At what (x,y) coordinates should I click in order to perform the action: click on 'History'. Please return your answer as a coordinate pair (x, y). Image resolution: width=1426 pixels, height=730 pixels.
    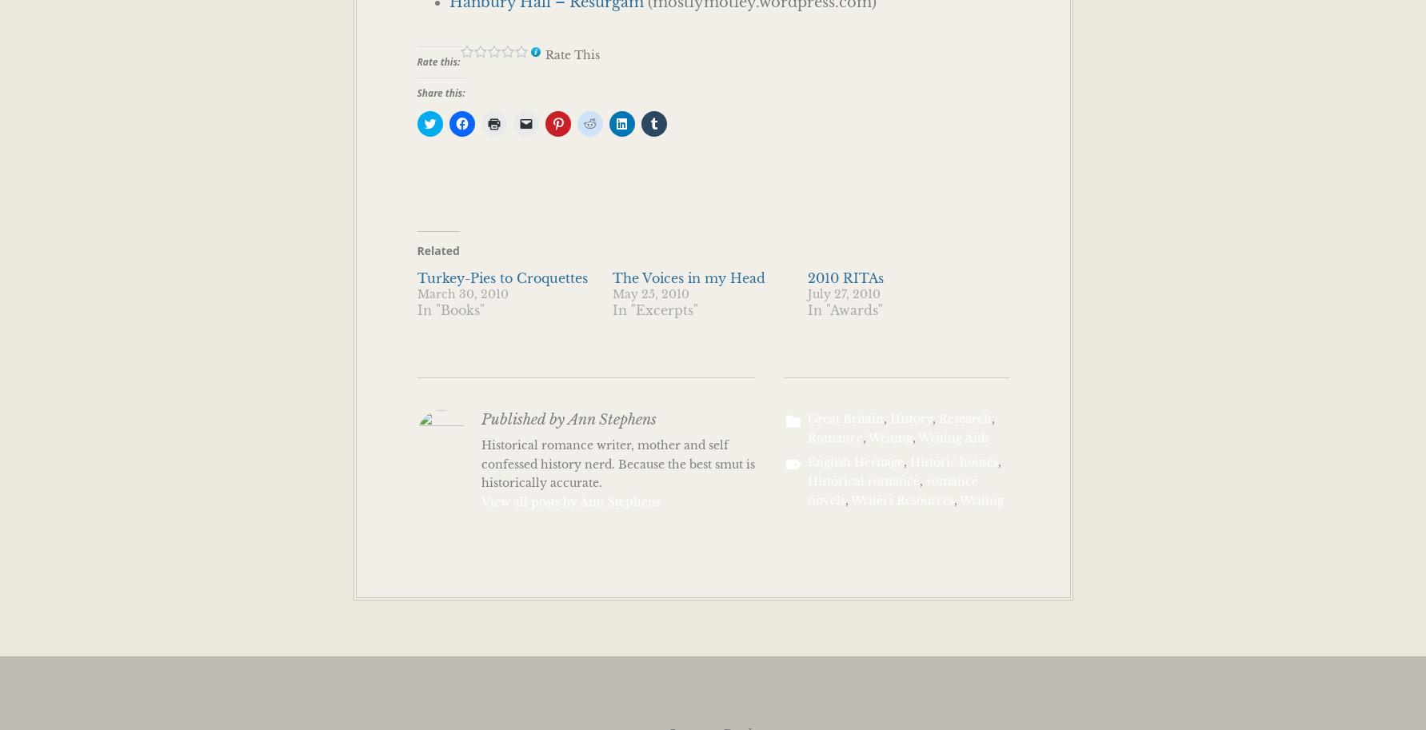
    Looking at the image, I should click on (909, 417).